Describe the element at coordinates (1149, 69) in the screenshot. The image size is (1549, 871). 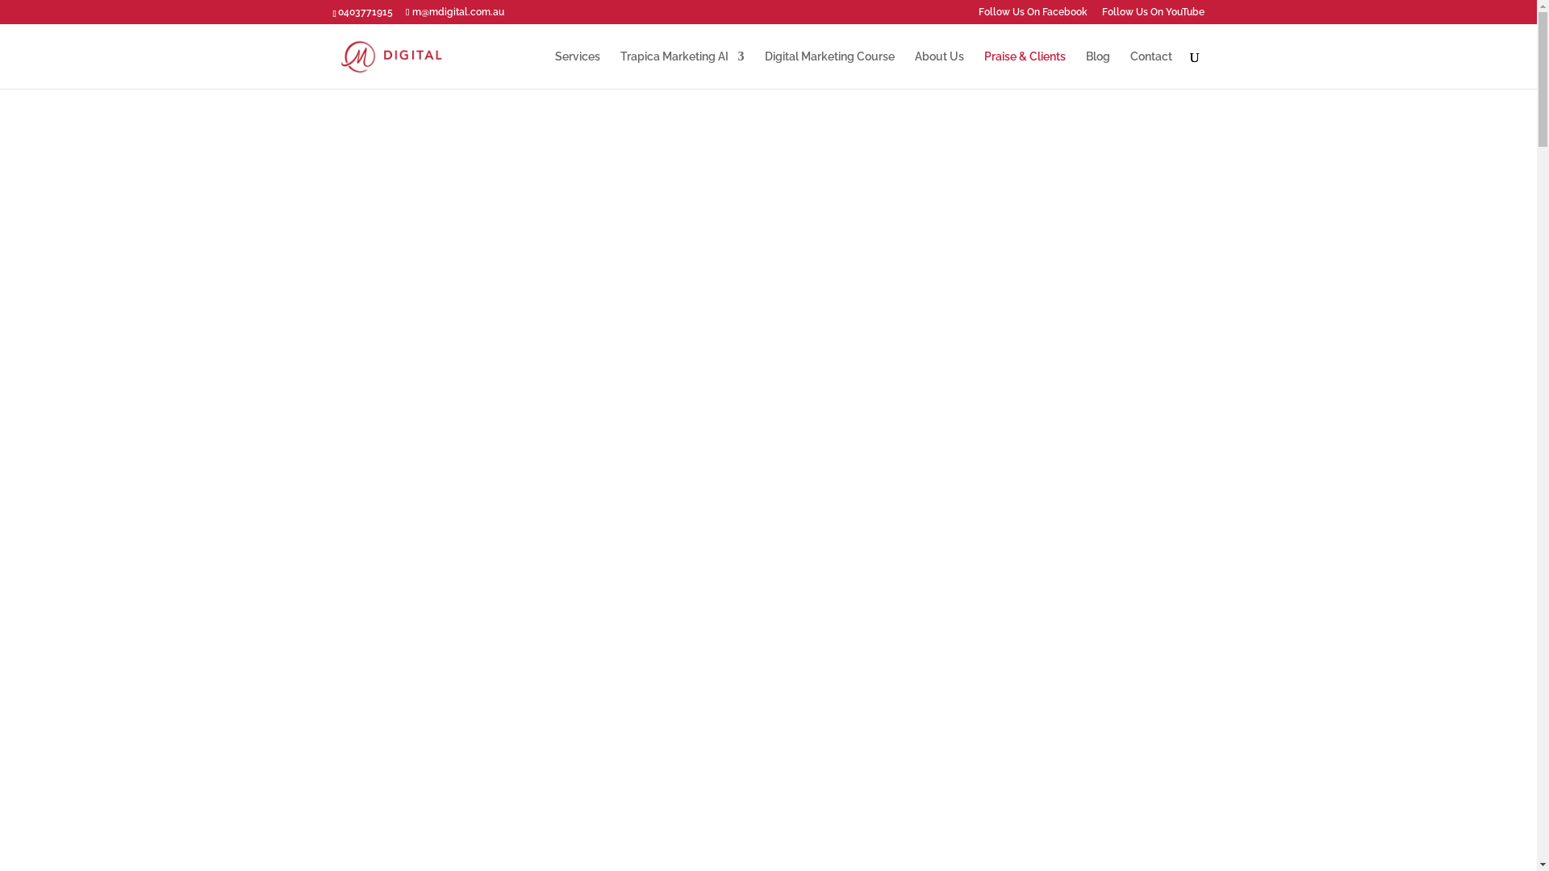
I see `'Contact'` at that location.